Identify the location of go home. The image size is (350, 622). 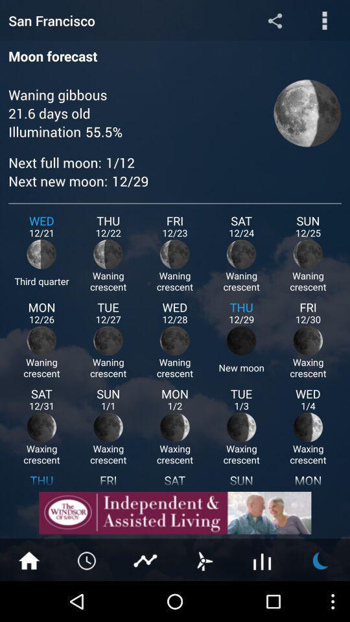
(29, 559).